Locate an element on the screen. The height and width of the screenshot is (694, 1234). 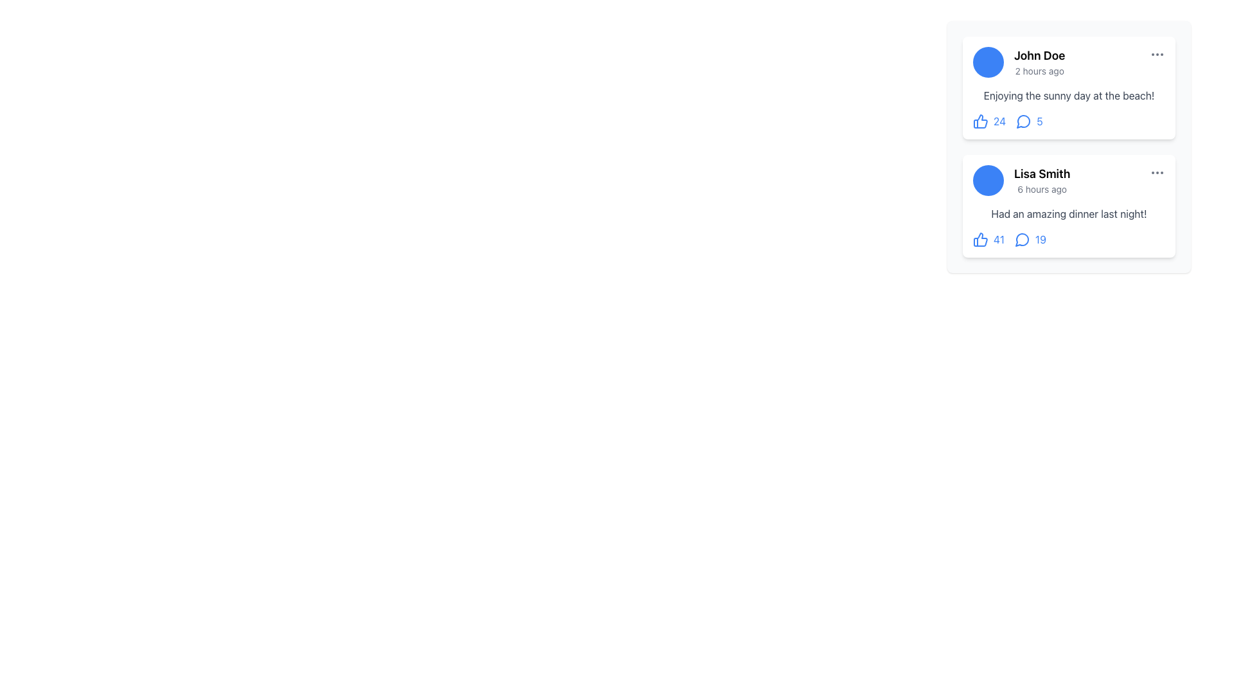
the text label that reads '6 hours ago', which is styled in light gray and positioned beneath 'Lisa Smith' in a social media post is located at coordinates (1042, 189).